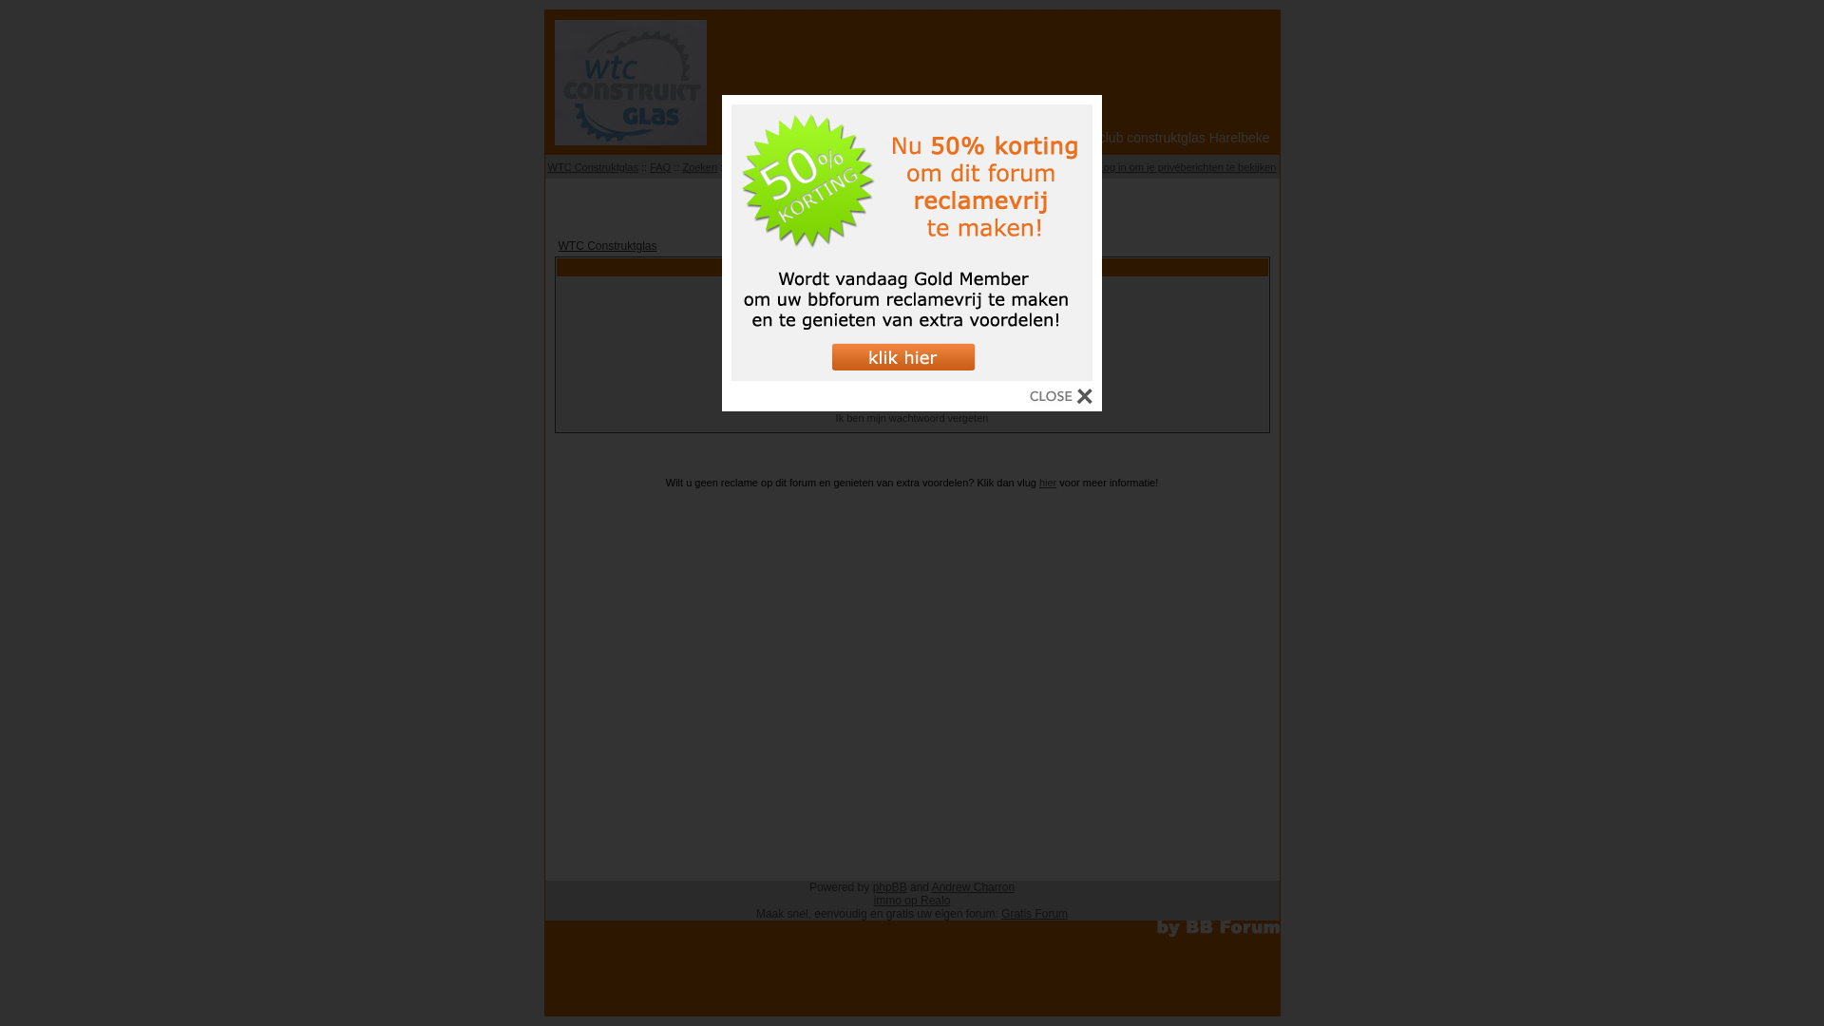  Describe the element at coordinates (912, 416) in the screenshot. I see `'Ik ben mijn wachtwoord vergeten'` at that location.